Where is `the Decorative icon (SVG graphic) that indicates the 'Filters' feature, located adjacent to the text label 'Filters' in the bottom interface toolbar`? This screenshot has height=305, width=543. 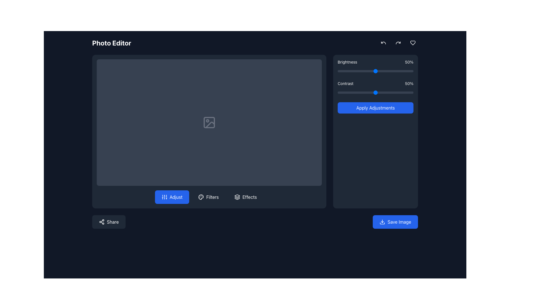
the Decorative icon (SVG graphic) that indicates the 'Filters' feature, located adjacent to the text label 'Filters' in the bottom interface toolbar is located at coordinates (201, 197).